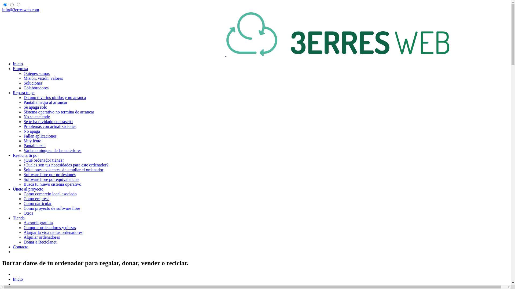  Describe the element at coordinates (40, 136) in the screenshot. I see `'Fallan aplicaciones'` at that location.